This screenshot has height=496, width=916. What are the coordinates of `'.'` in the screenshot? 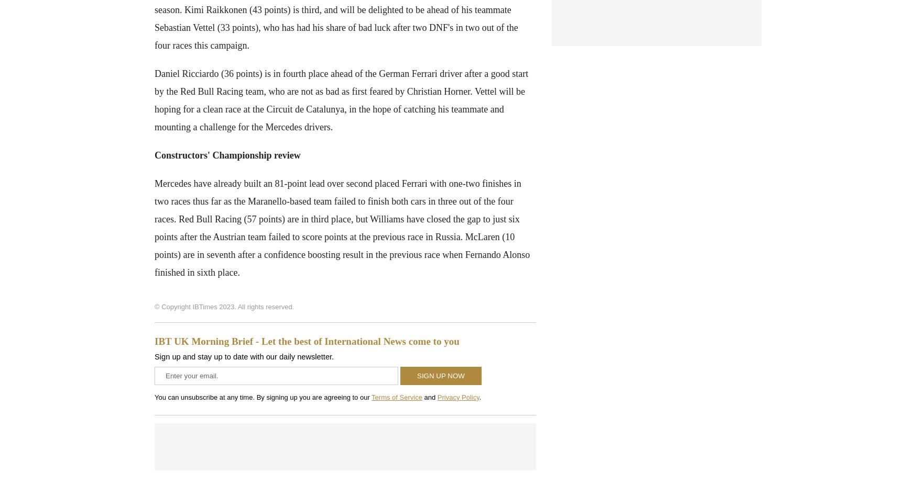 It's located at (479, 397).